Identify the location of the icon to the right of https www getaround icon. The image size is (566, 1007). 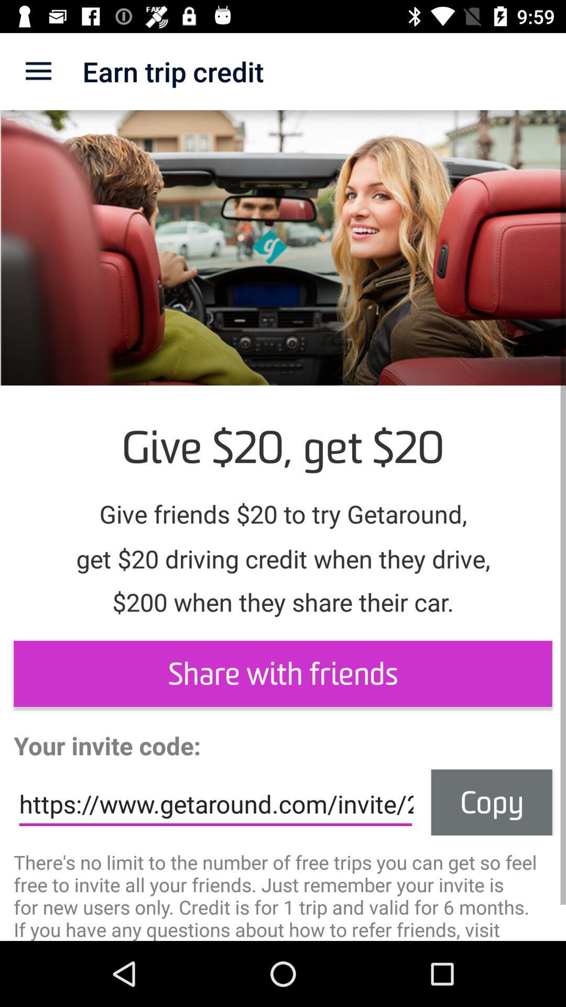
(492, 802).